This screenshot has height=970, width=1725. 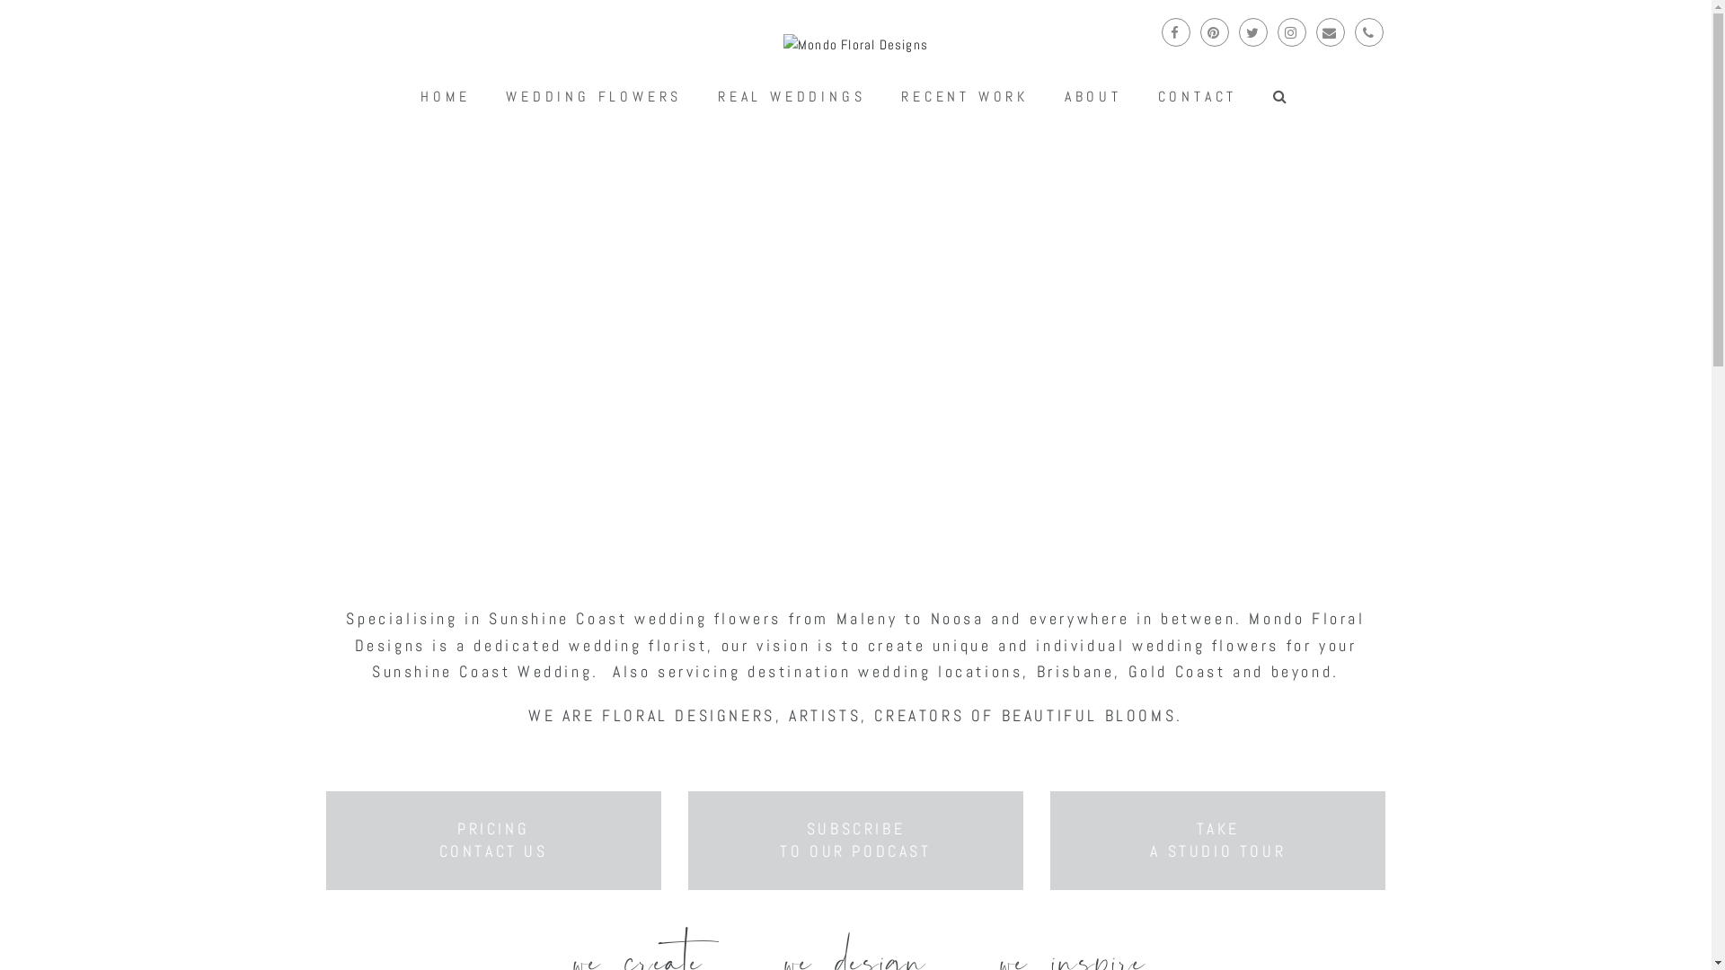 I want to click on 'REAL WEDDINGS', so click(x=701, y=97).